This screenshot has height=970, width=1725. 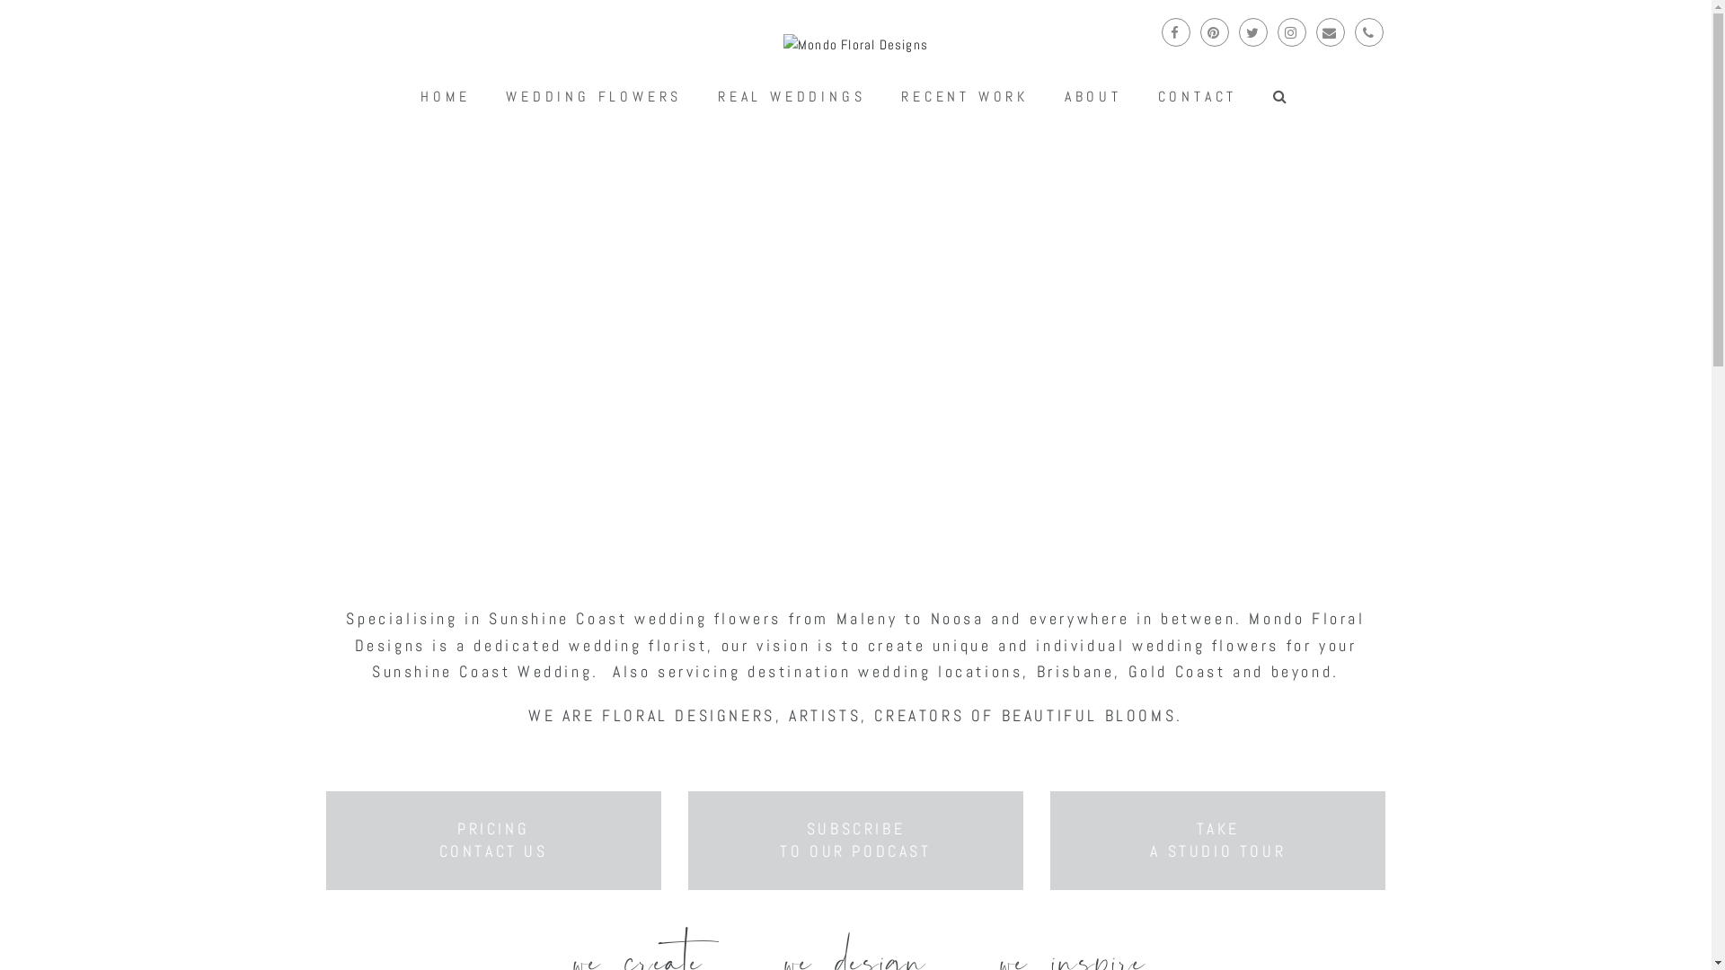 I want to click on 'REAL WEDDINGS', so click(x=701, y=97).